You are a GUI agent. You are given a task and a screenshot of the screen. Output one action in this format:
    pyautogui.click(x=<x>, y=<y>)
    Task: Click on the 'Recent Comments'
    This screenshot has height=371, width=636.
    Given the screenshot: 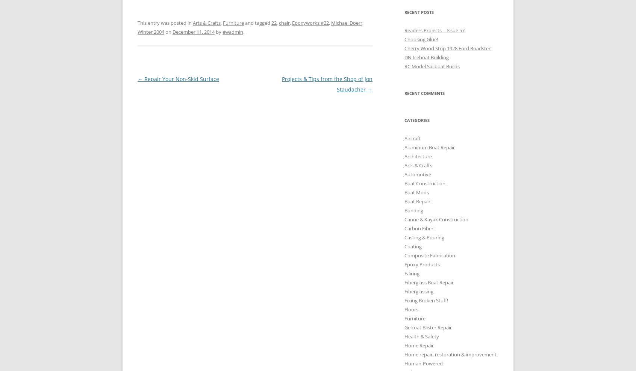 What is the action you would take?
    pyautogui.click(x=404, y=92)
    